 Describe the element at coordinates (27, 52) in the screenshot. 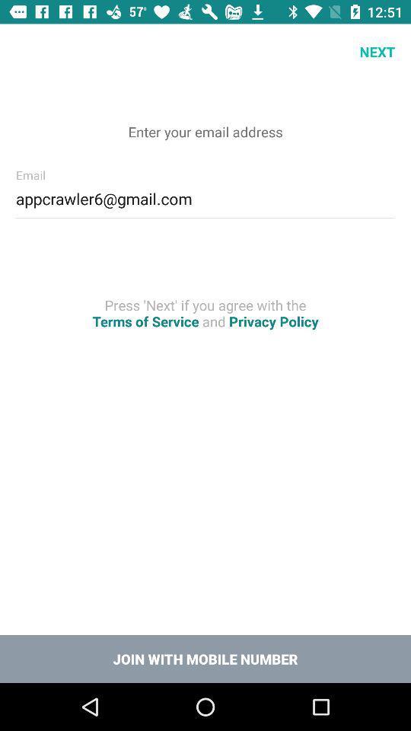

I see `icon at the top left corner` at that location.